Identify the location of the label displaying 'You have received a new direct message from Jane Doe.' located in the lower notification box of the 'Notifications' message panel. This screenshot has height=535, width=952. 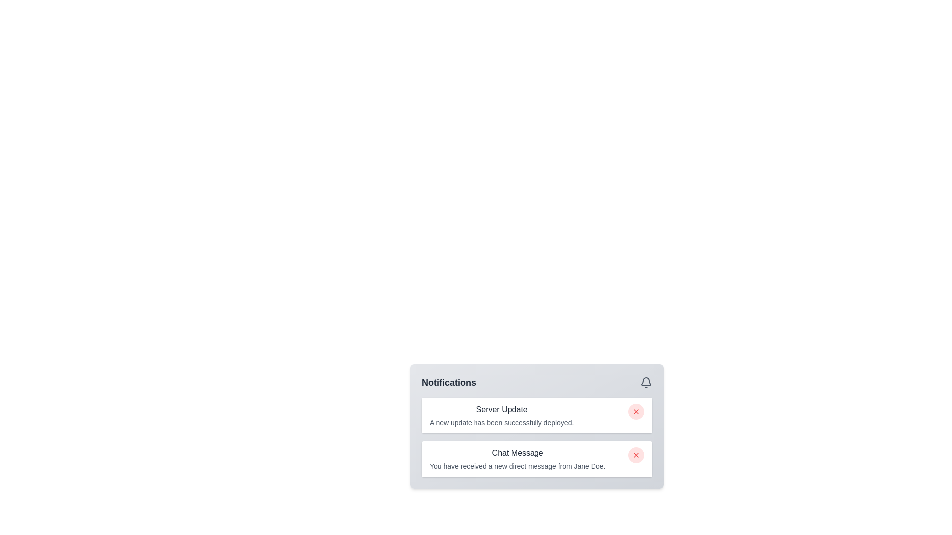
(517, 466).